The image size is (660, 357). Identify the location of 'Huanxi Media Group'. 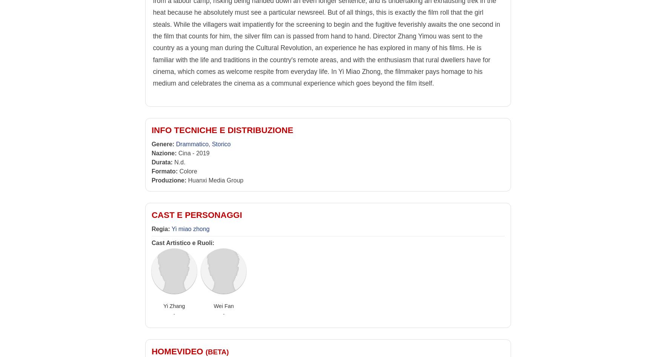
(215, 180).